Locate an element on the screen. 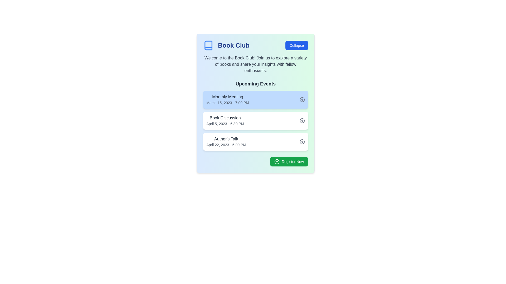  the blue rectangular button with rounded corners labeled 'Collapse' is located at coordinates (296, 45).